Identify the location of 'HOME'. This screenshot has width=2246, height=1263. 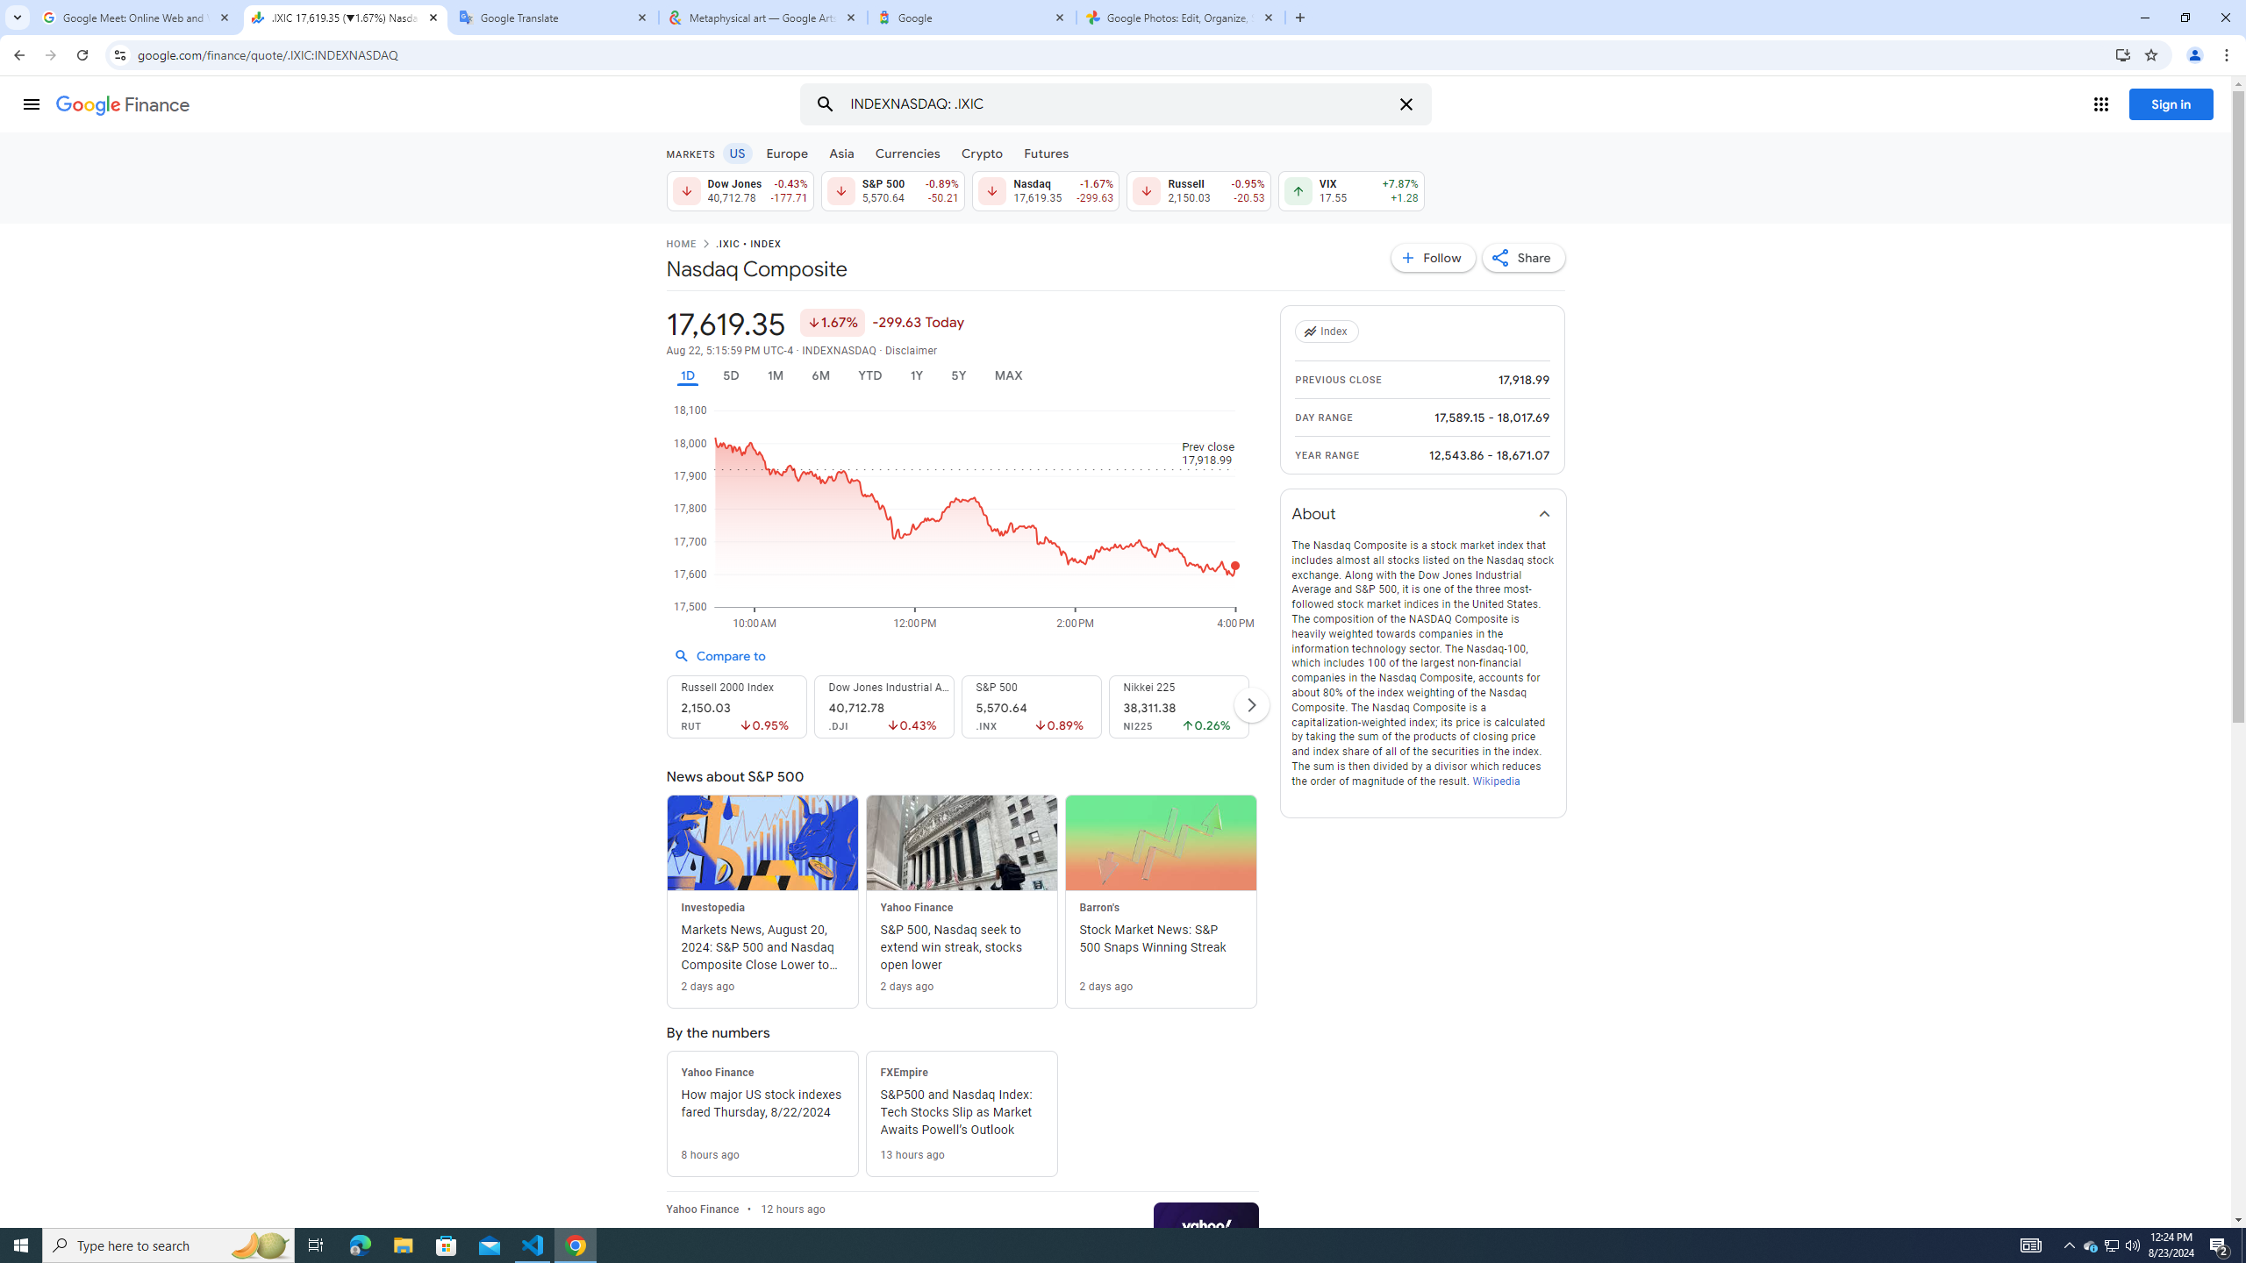
(679, 245).